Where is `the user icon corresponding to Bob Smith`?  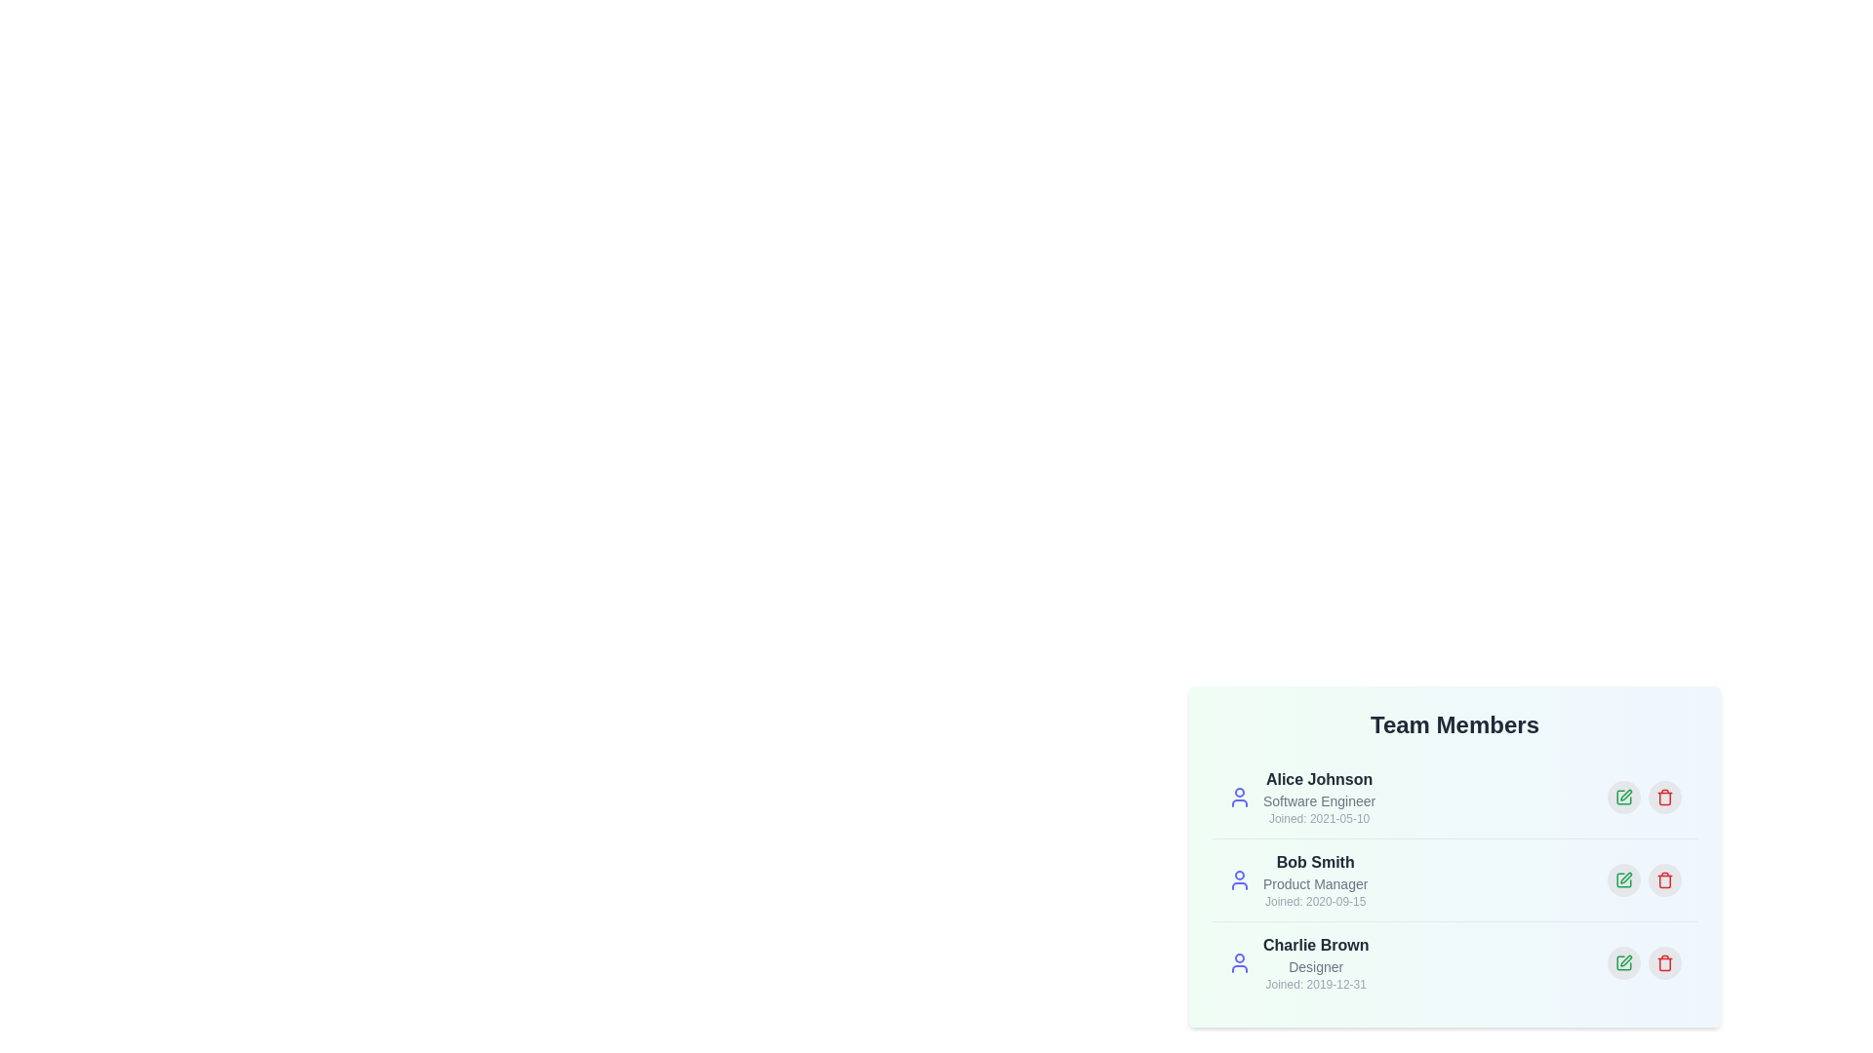
the user icon corresponding to Bob Smith is located at coordinates (1239, 879).